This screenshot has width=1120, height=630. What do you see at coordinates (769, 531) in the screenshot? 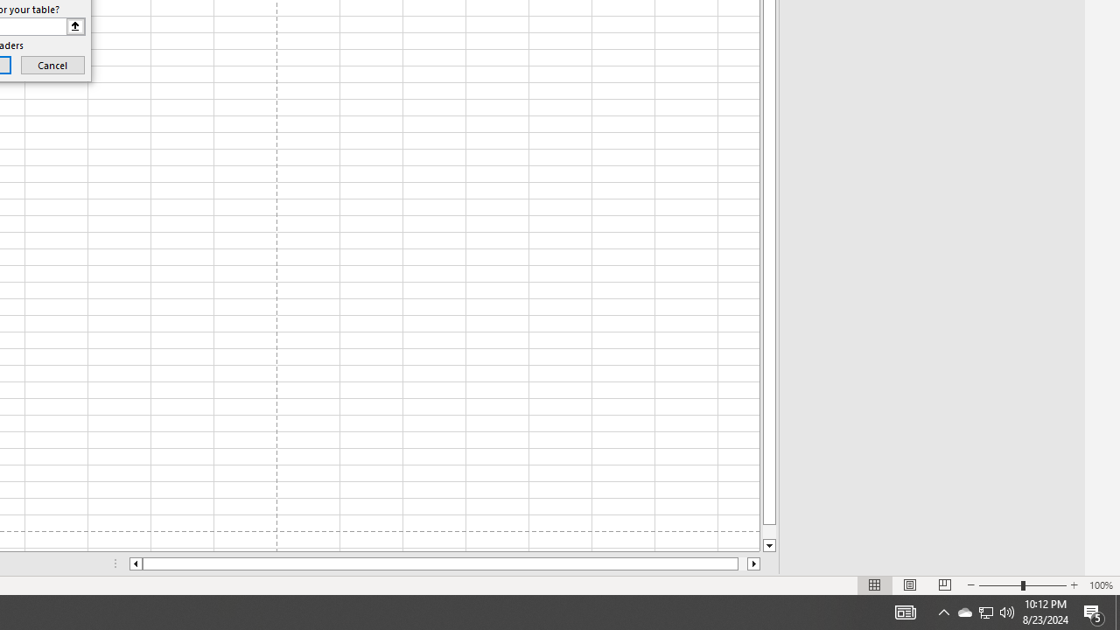
I see `'Page down'` at bounding box center [769, 531].